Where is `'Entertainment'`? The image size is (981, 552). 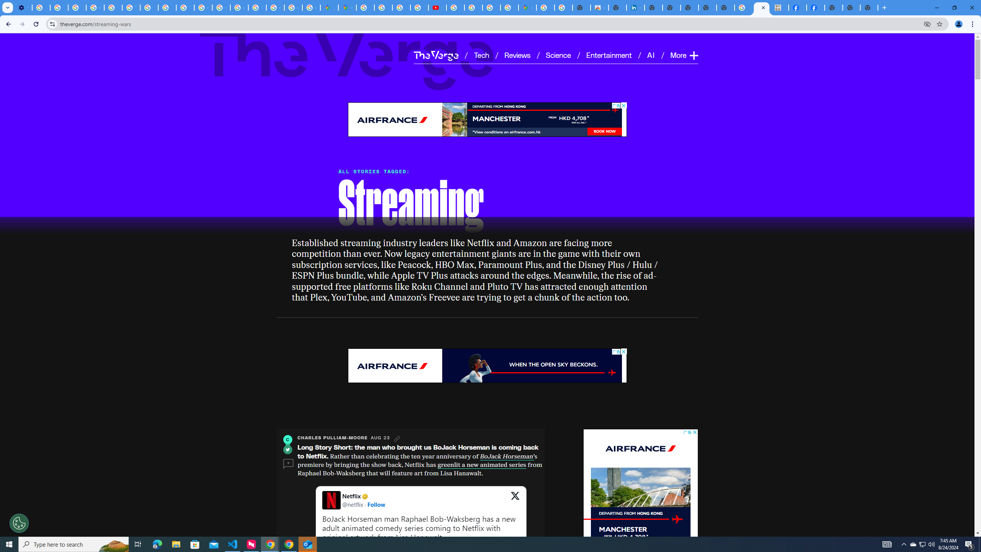
'Entertainment' is located at coordinates (609, 54).